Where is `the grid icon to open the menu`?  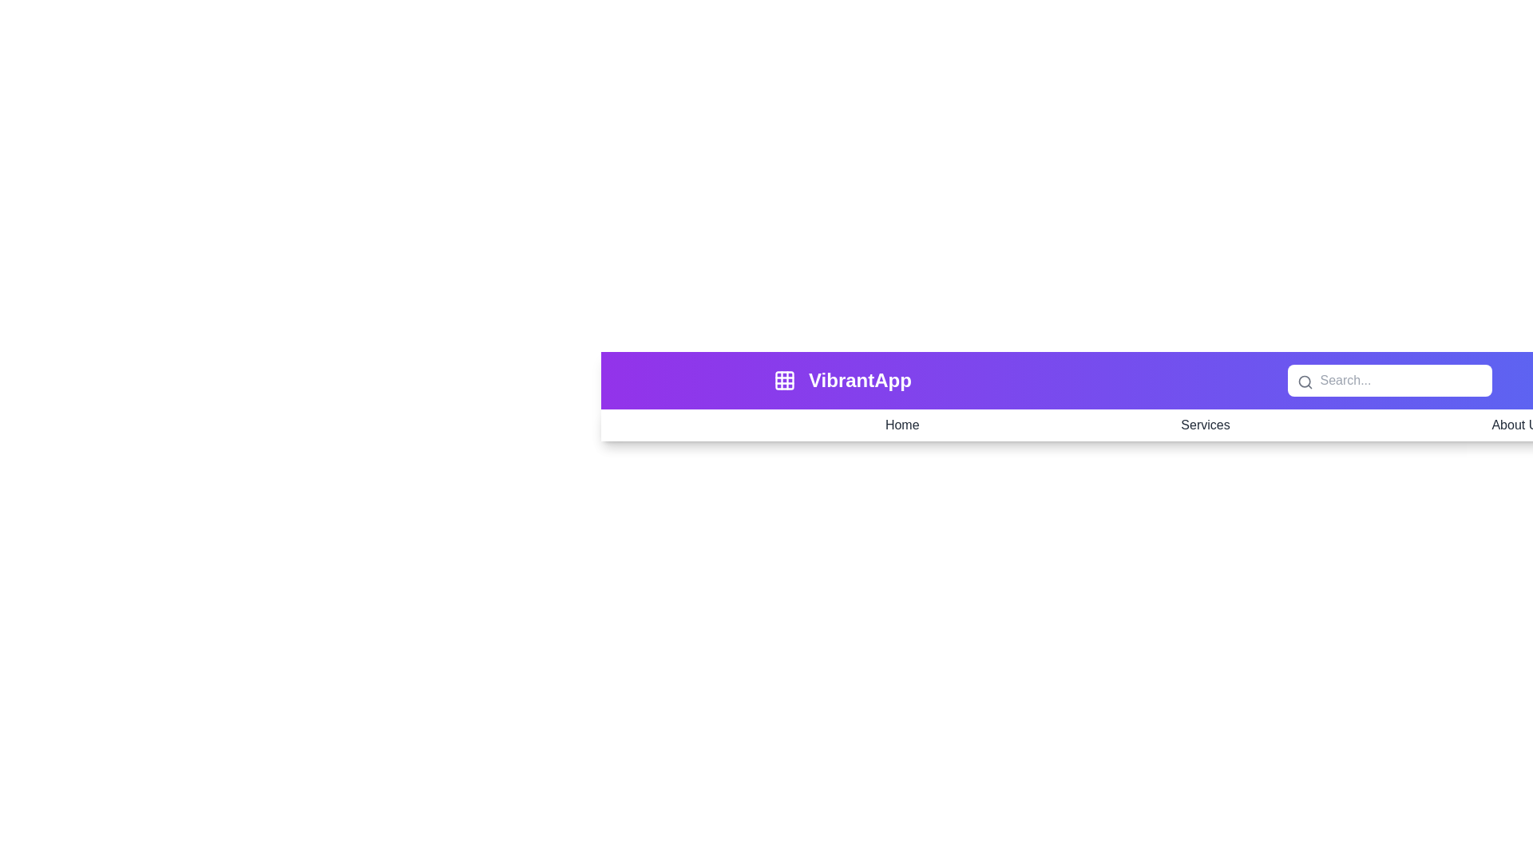 the grid icon to open the menu is located at coordinates (785, 381).